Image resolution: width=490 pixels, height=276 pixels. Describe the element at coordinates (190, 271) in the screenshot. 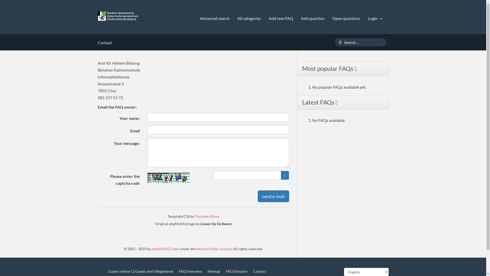

I see `'FAQ Overview'` at that location.